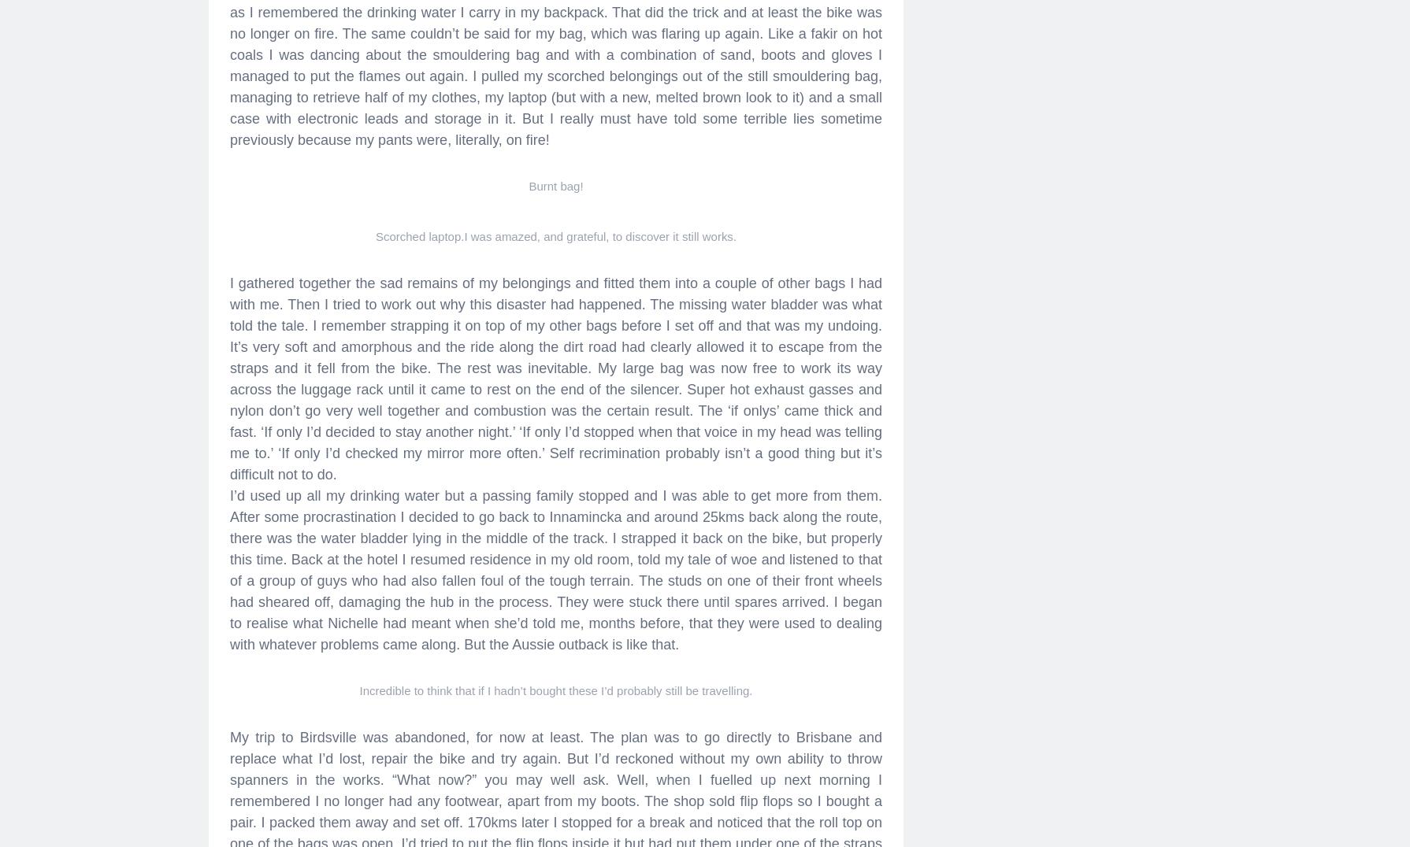 The image size is (1410, 847). Describe the element at coordinates (484, 212) in the screenshot. I see `'So I did. And previous experience should have told me never to ignore that voice.'` at that location.